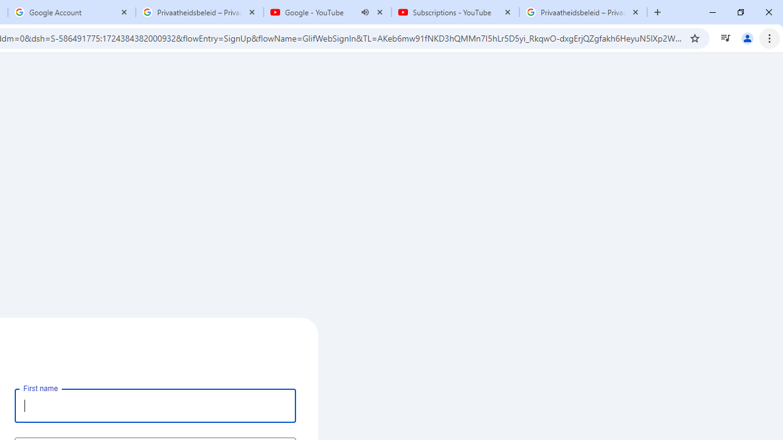 The width and height of the screenshot is (783, 440). I want to click on 'First name', so click(155, 405).